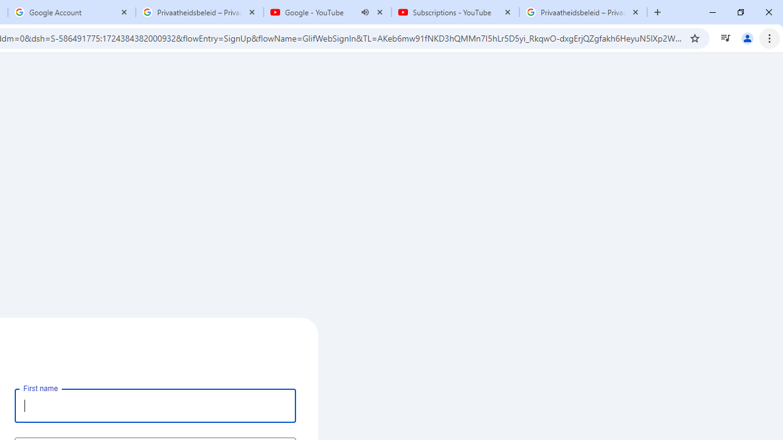 The width and height of the screenshot is (783, 440). I want to click on 'First name', so click(155, 405).